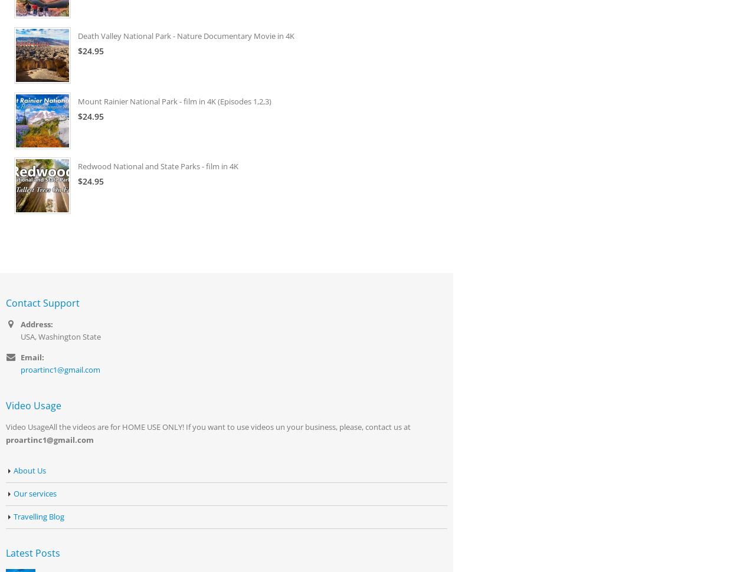 The height and width of the screenshot is (572, 753). What do you see at coordinates (157, 165) in the screenshot?
I see `'Redwood National and State Parks - film in 4K'` at bounding box center [157, 165].